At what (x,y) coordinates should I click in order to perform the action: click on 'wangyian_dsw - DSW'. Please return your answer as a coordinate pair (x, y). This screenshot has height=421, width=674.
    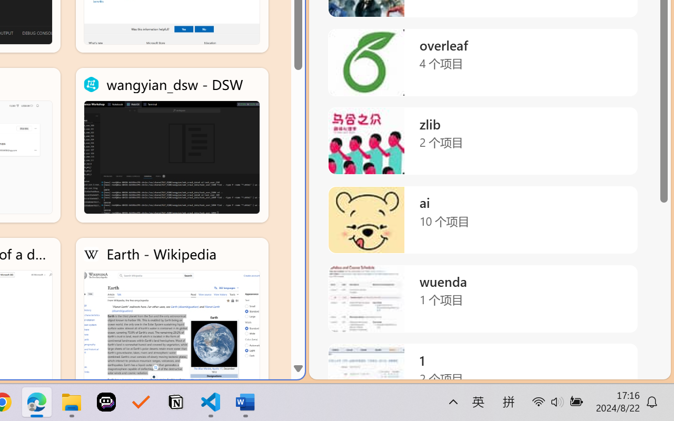
    Looking at the image, I should click on (172, 145).